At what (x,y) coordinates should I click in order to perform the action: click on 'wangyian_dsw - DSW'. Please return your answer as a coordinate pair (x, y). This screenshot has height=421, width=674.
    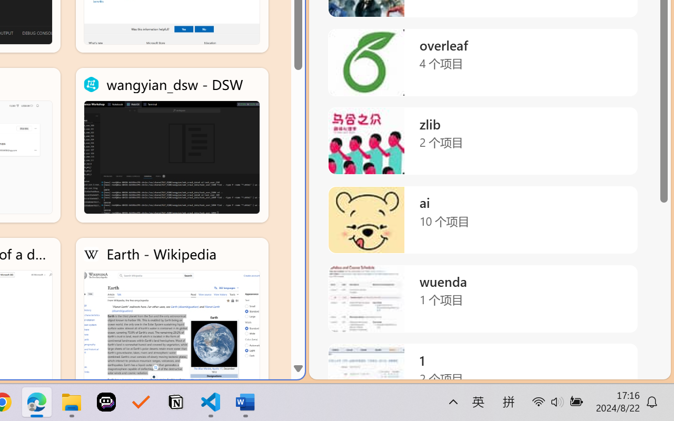
    Looking at the image, I should click on (172, 145).